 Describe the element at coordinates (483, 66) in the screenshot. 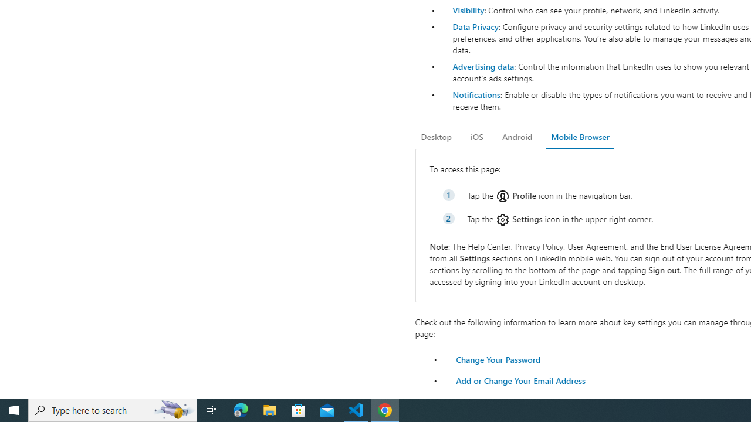

I see `'Advertising data'` at that location.